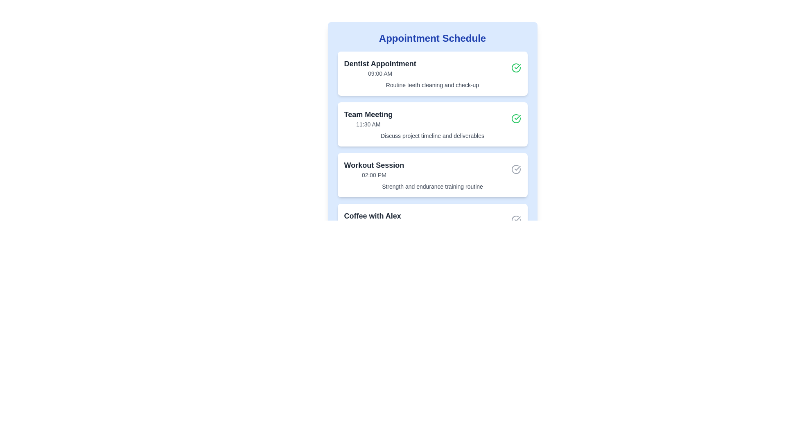  Describe the element at coordinates (372, 219) in the screenshot. I see `the appointment list item titled 'Coffee with Alex' that shows the time '04:00 PM', which is the last item in the schedule list` at that location.